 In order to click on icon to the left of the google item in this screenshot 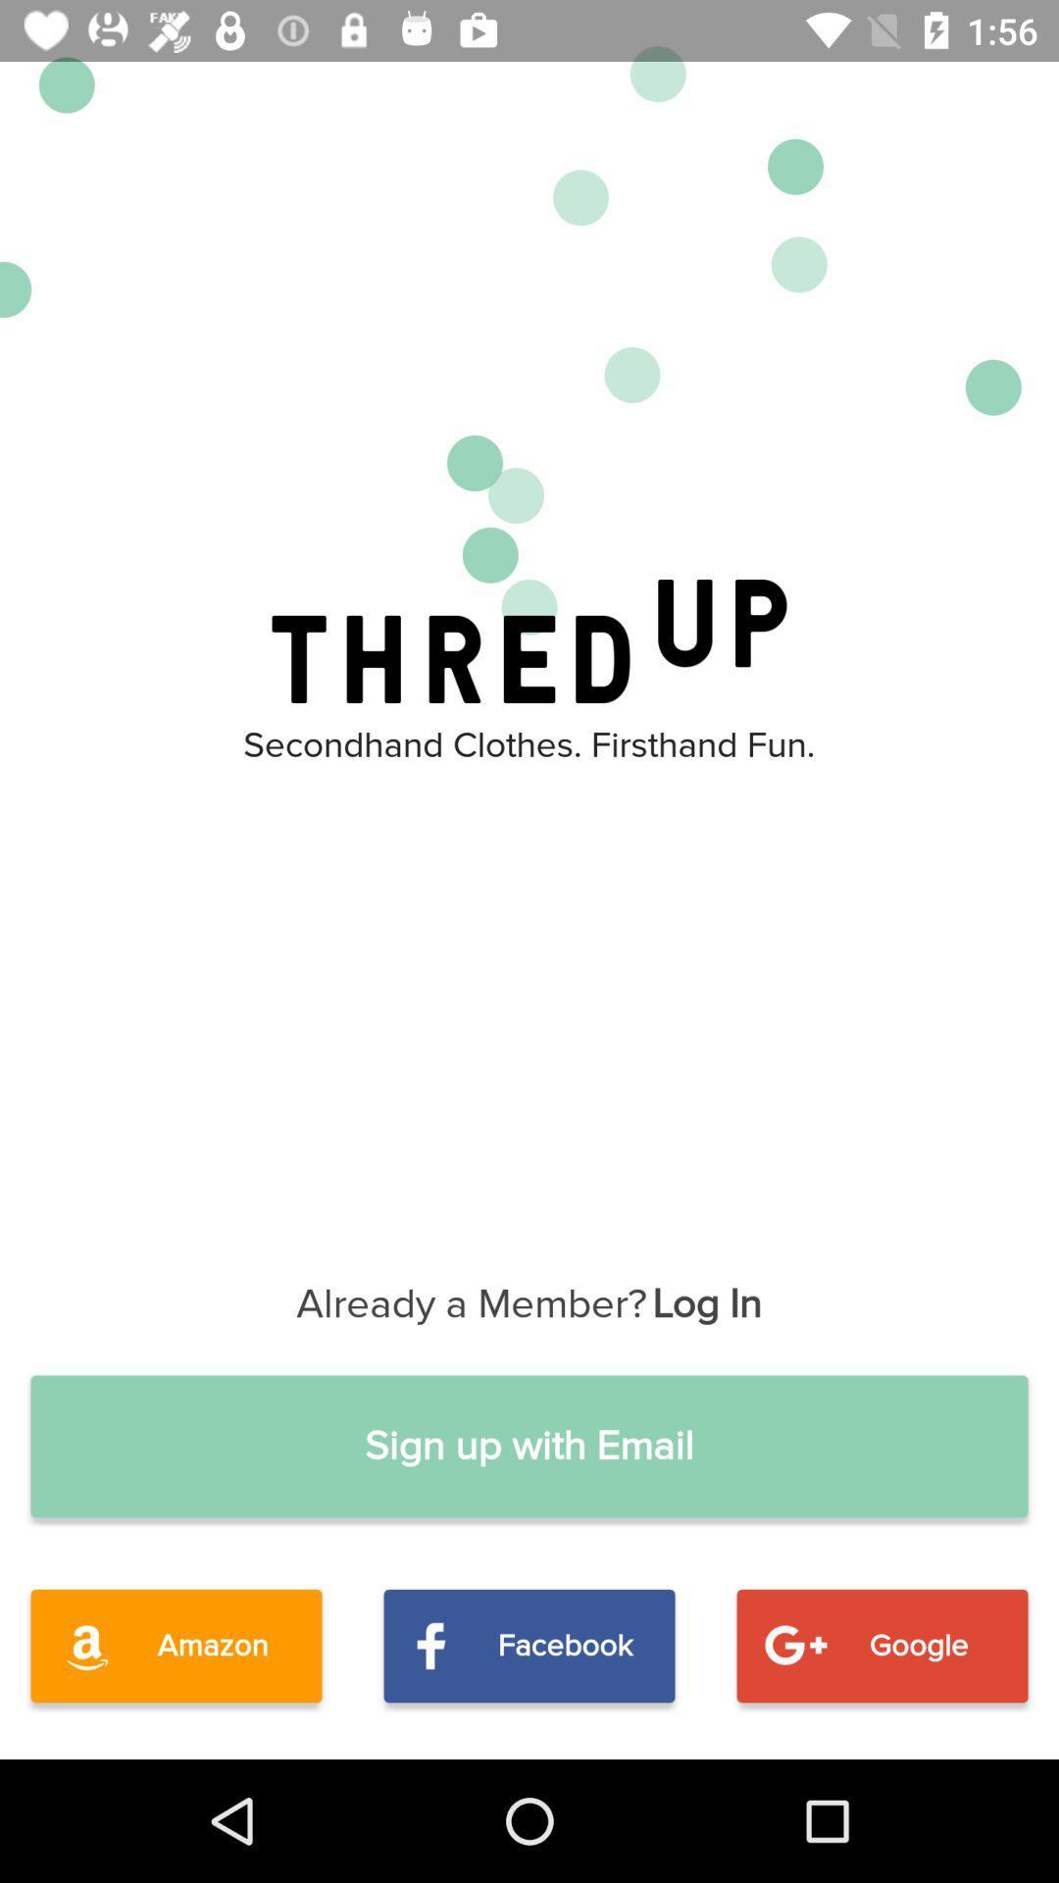, I will do `click(529, 1646)`.